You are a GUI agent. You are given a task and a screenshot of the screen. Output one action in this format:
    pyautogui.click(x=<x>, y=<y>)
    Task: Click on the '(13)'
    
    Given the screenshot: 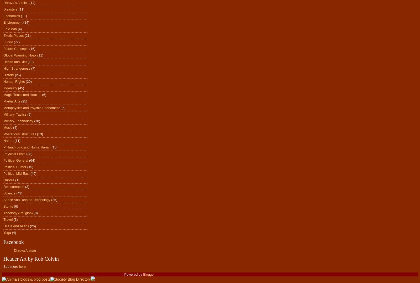 What is the action you would take?
    pyautogui.click(x=40, y=134)
    